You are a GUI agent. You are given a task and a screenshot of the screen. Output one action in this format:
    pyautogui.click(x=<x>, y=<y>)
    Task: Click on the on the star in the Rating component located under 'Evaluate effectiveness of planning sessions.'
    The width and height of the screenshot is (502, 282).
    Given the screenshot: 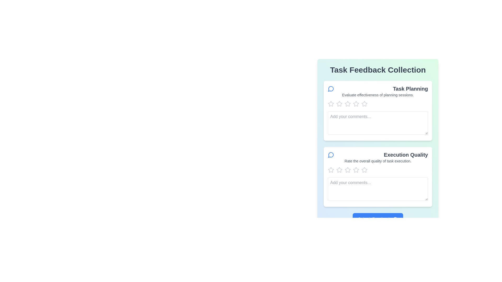 What is the action you would take?
    pyautogui.click(x=378, y=104)
    